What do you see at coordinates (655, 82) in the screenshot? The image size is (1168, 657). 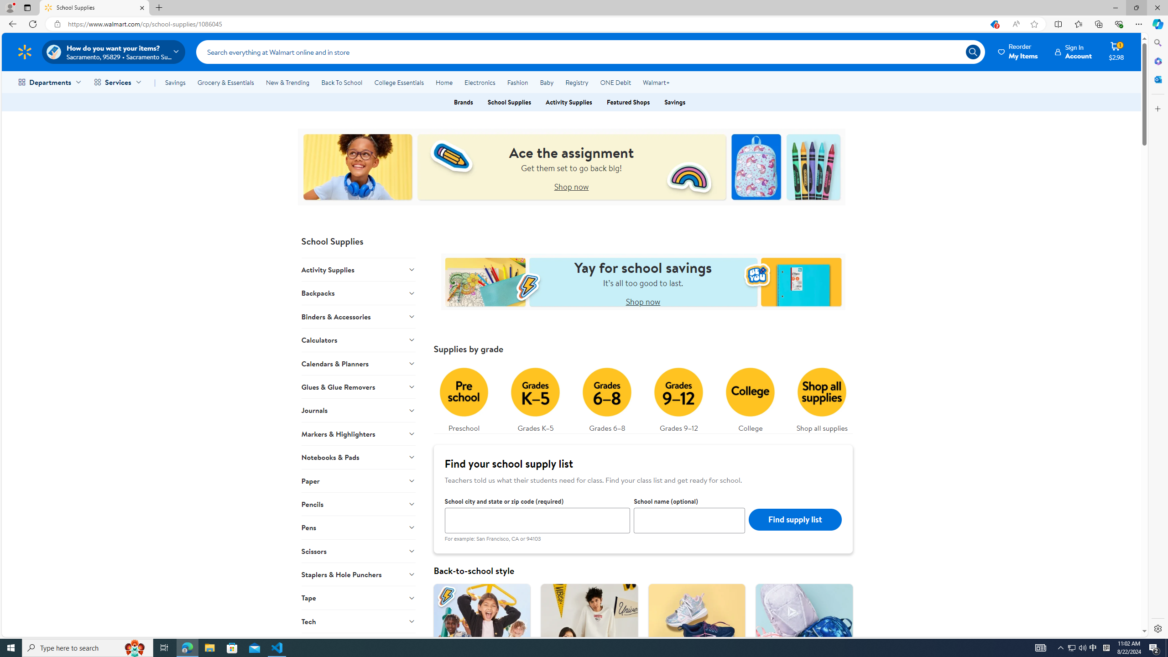 I see `'Walmart+'` at bounding box center [655, 82].